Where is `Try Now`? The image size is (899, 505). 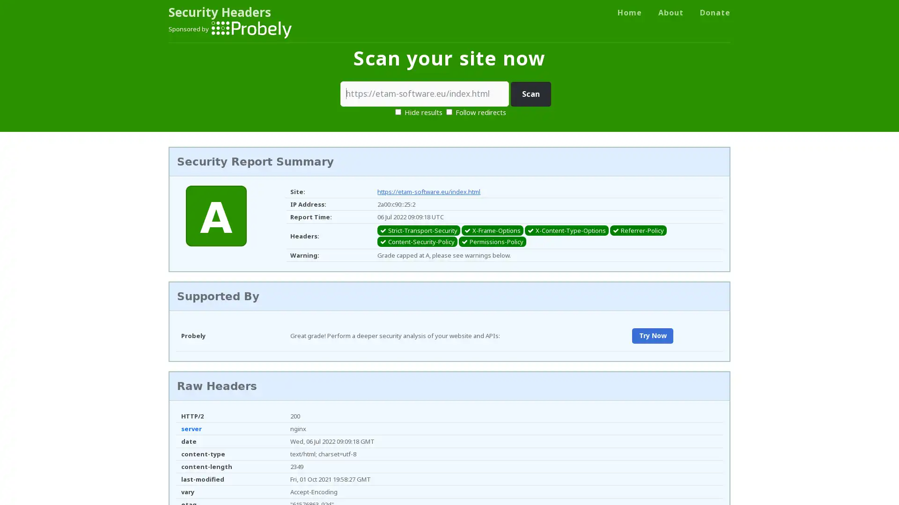
Try Now is located at coordinates (652, 335).